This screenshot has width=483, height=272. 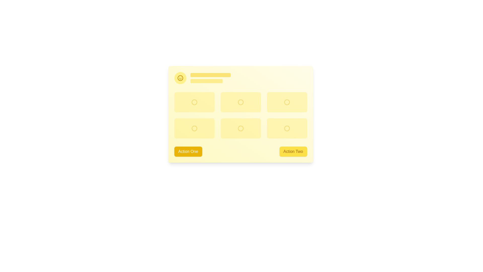 I want to click on the sixth button-like component in the bottom-right corner of the interactive grid, so click(x=287, y=128).